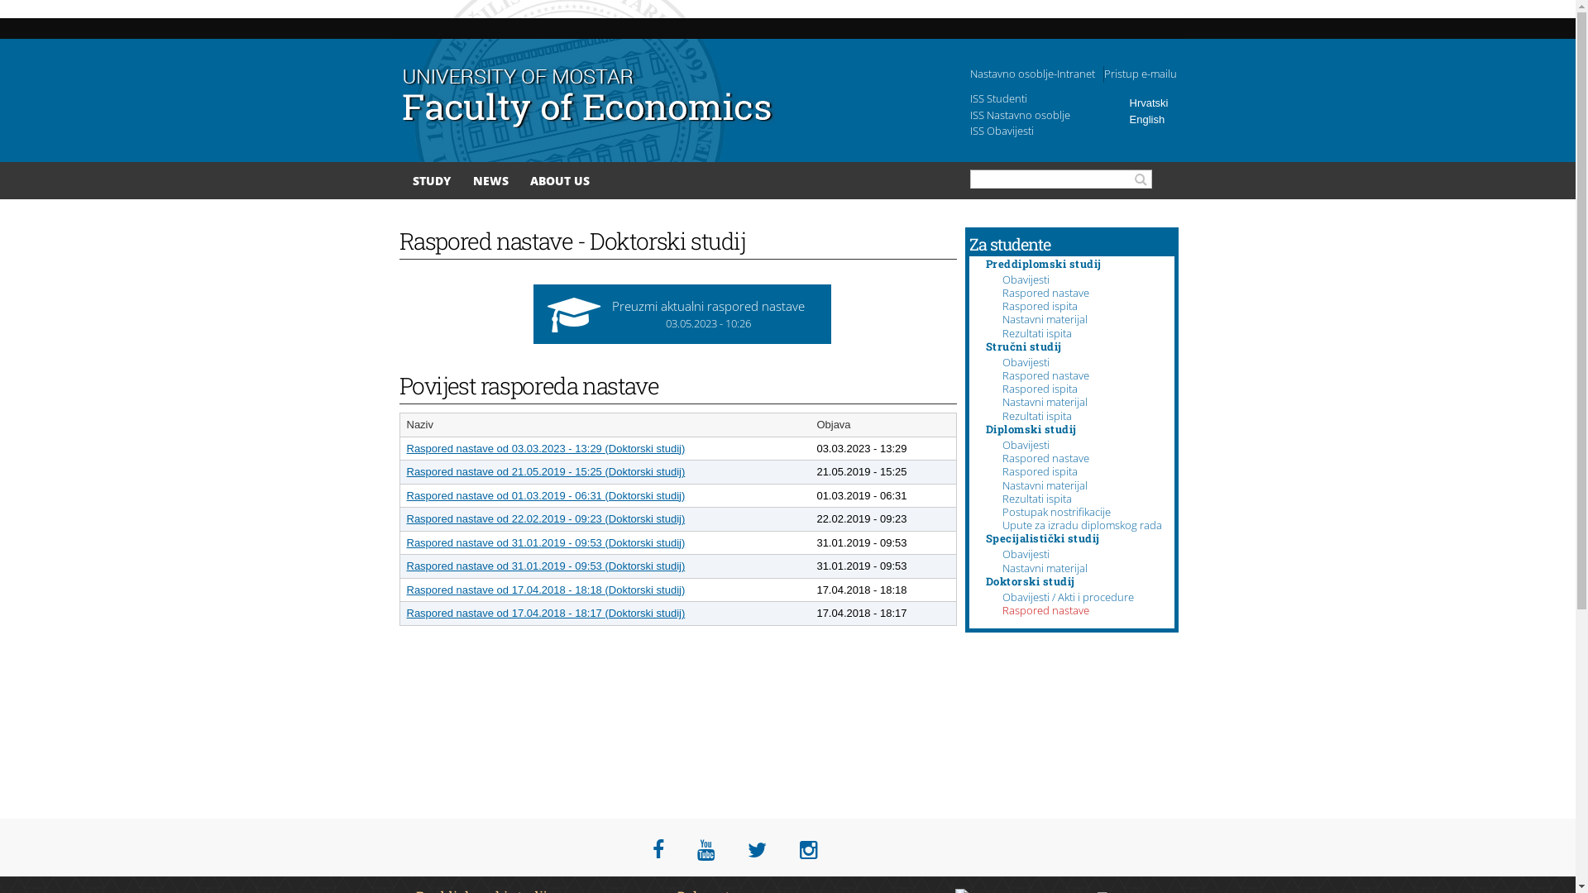 The height and width of the screenshot is (893, 1588). Describe the element at coordinates (1044, 484) in the screenshot. I see `'Nastavni materijal'` at that location.